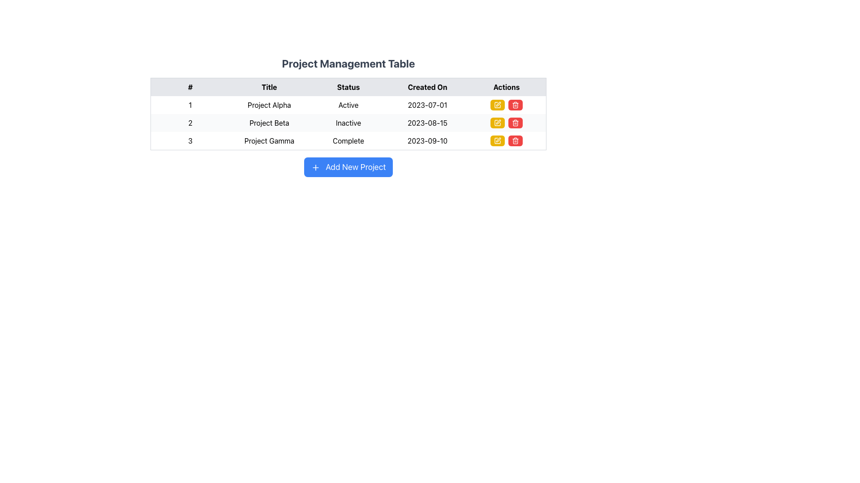  I want to click on the static text label indicating the status of 'Project Beta', which shows that the project is currently inactive, located in the third column of the table in the second row, so click(348, 123).